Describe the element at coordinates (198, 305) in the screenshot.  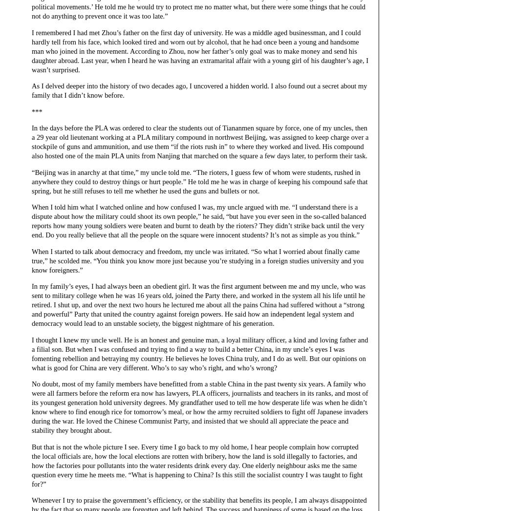
I see `'In my family’s eyes, I had always been an obedient girl. It was the first argument between me and my uncle, who was sent to military college when he was 16 years old, joined the Party there, and worked in the system all his life until he retired. I shut up, and over the next two hours he lectured me about all the pains China had suffered without a “strong and powerful” Party that united the country against foreign powers. He said how an independent legal system and democracy would lead to an unstable society, the biggest nightmare of his generation.'` at that location.